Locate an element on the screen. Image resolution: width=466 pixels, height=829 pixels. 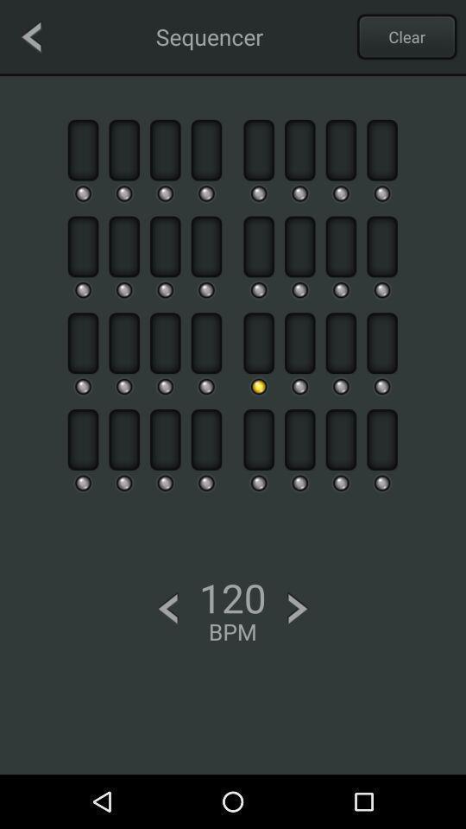
go back is located at coordinates (31, 35).